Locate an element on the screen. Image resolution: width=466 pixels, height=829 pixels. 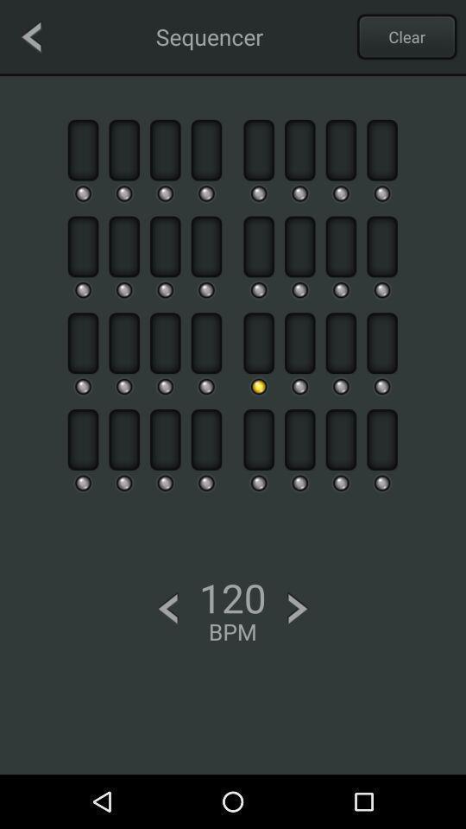
go back is located at coordinates (31, 35).